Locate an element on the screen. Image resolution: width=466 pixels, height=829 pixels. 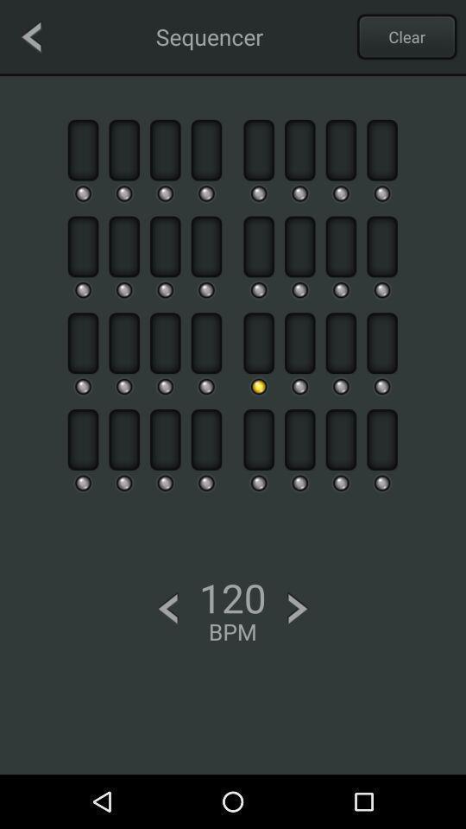
go back is located at coordinates (31, 35).